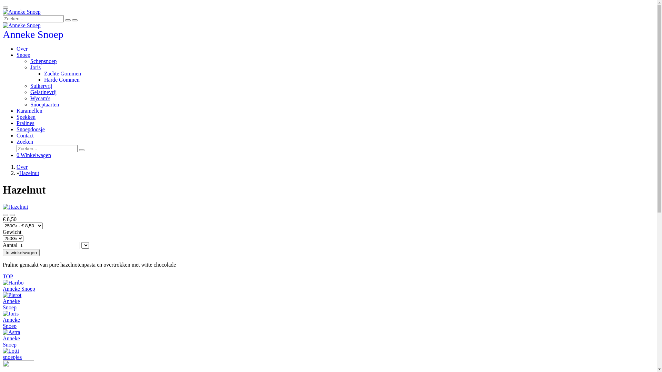 The height and width of the screenshot is (372, 662). Describe the element at coordinates (25, 123) in the screenshot. I see `'Pralines'` at that location.